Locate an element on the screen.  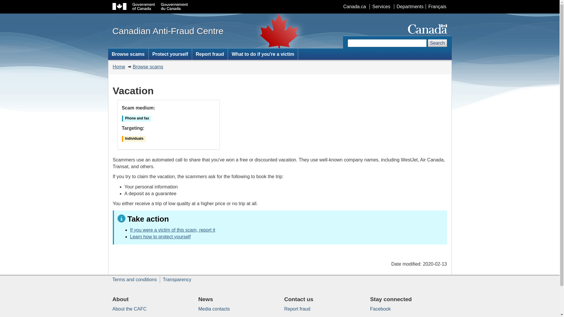
'Search' is located at coordinates (437, 43).